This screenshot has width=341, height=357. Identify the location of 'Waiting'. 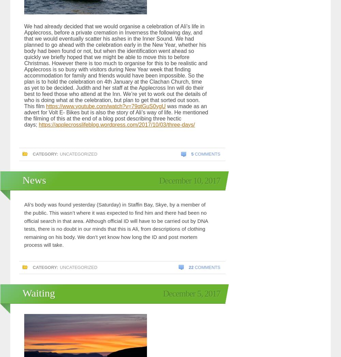
(38, 292).